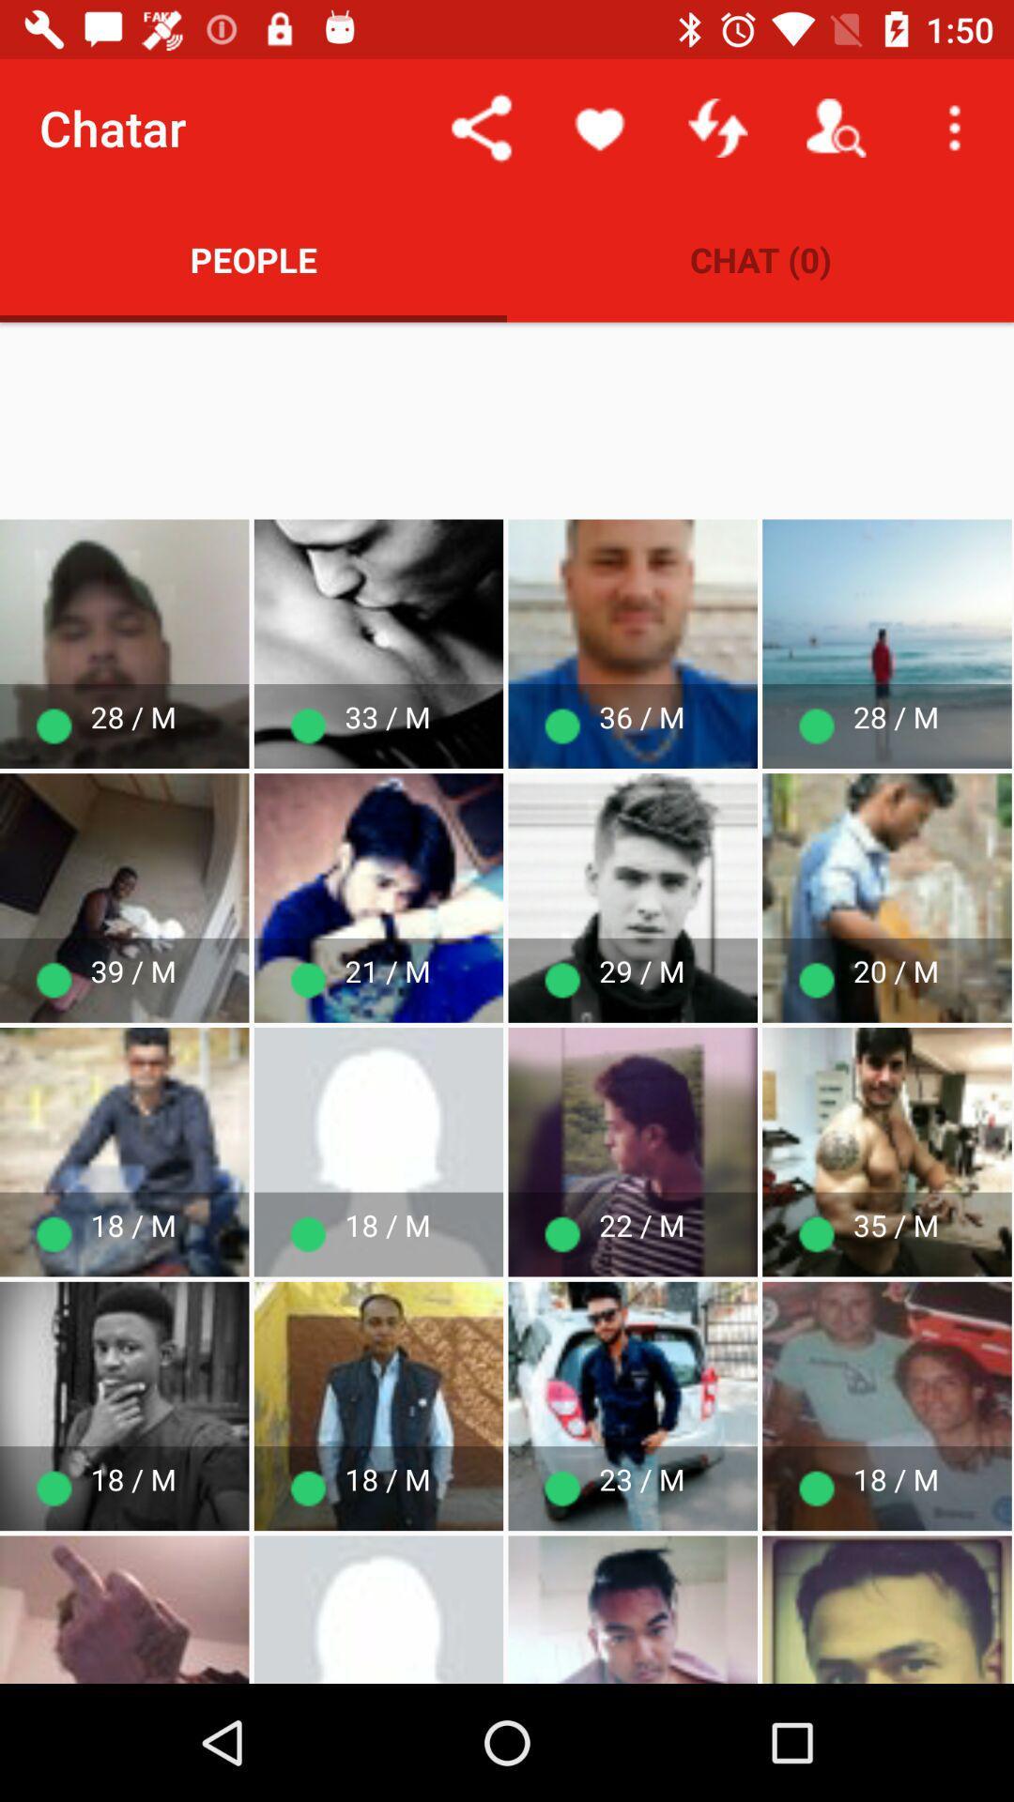 The height and width of the screenshot is (1802, 1014). Describe the element at coordinates (481, 127) in the screenshot. I see `the item above people` at that location.